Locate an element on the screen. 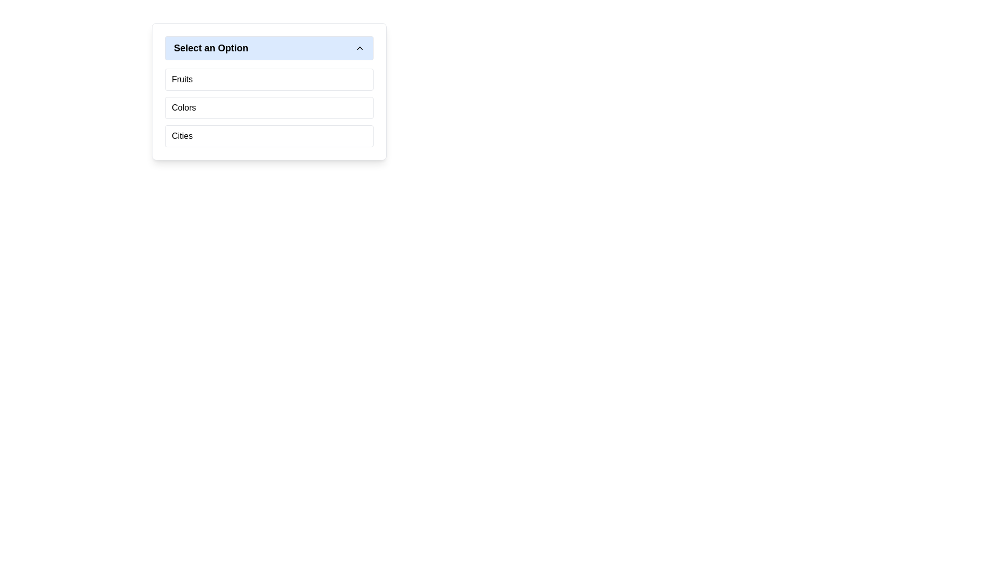 This screenshot has width=1006, height=566. the Dropdown toggle located at the top of the white card with rounded edges is located at coordinates (269, 48).